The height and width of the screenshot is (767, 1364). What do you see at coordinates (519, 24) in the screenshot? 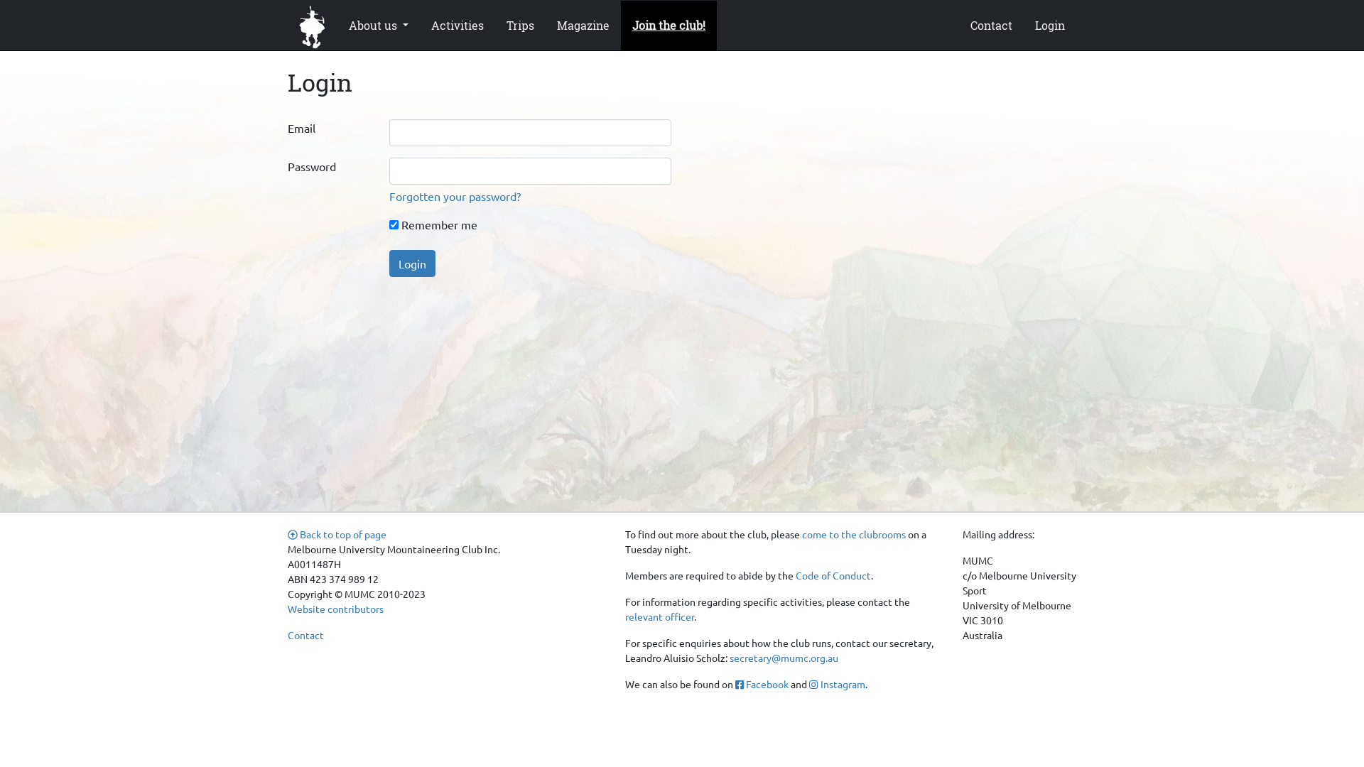
I see `'Trips'` at bounding box center [519, 24].